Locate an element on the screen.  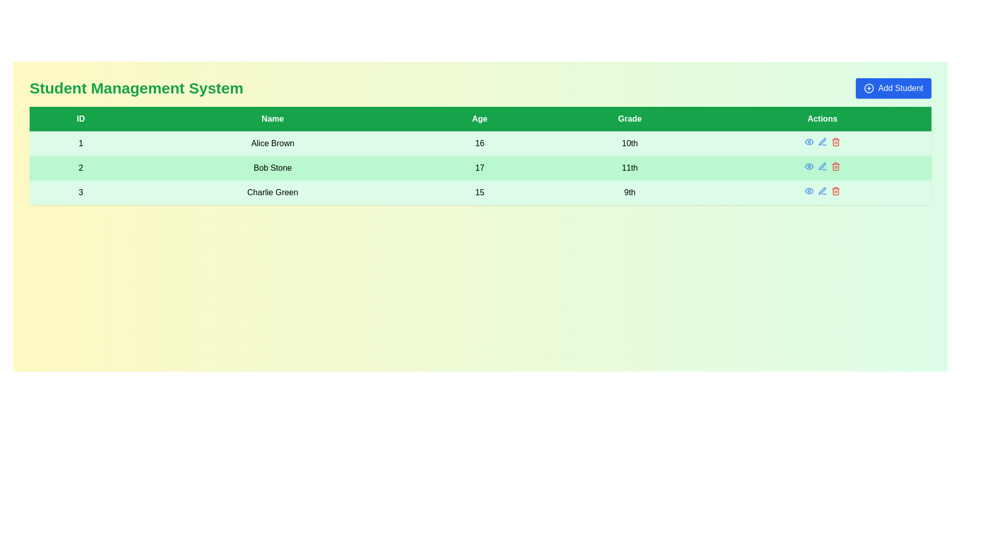
the text label displaying '9th' in the 'Grade' column of the table for 'Charlie Green' is located at coordinates (629, 193).